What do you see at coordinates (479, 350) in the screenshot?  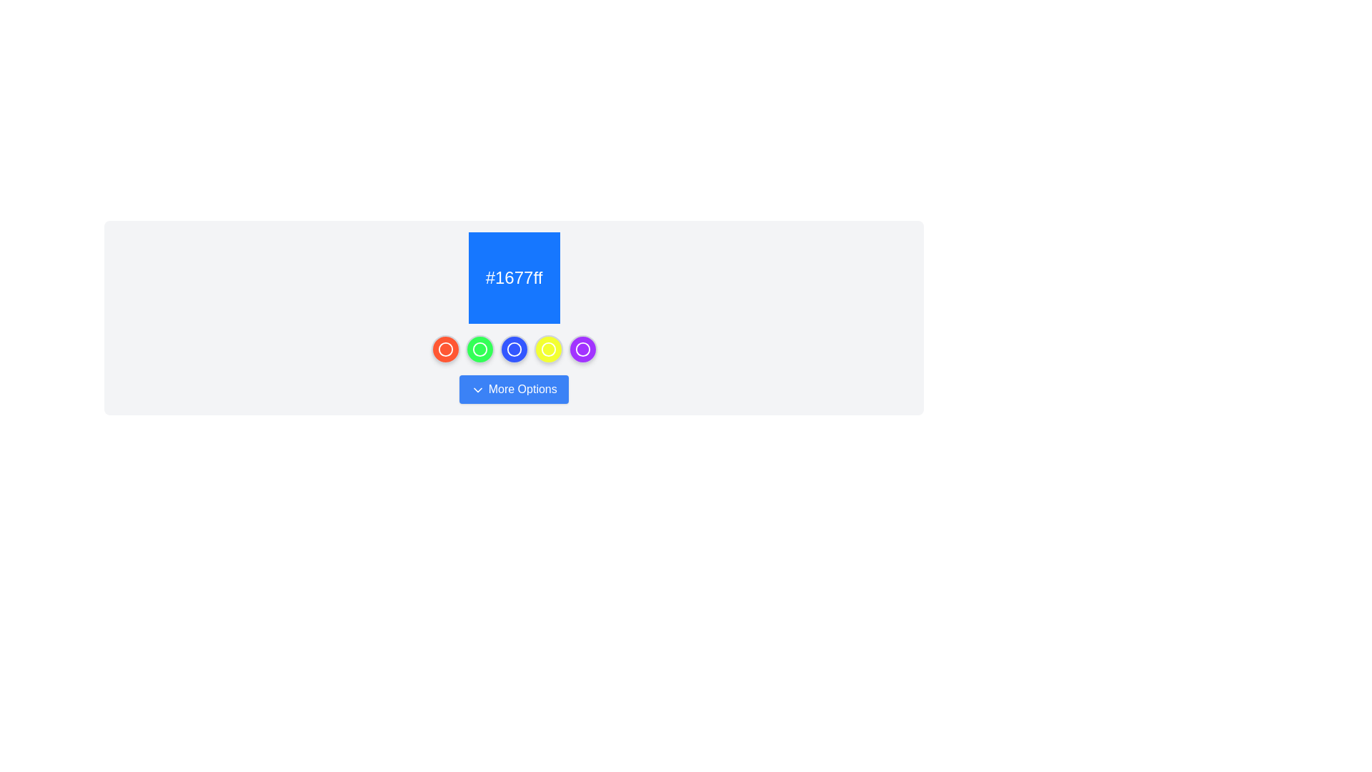 I see `the second circular button` at bounding box center [479, 350].